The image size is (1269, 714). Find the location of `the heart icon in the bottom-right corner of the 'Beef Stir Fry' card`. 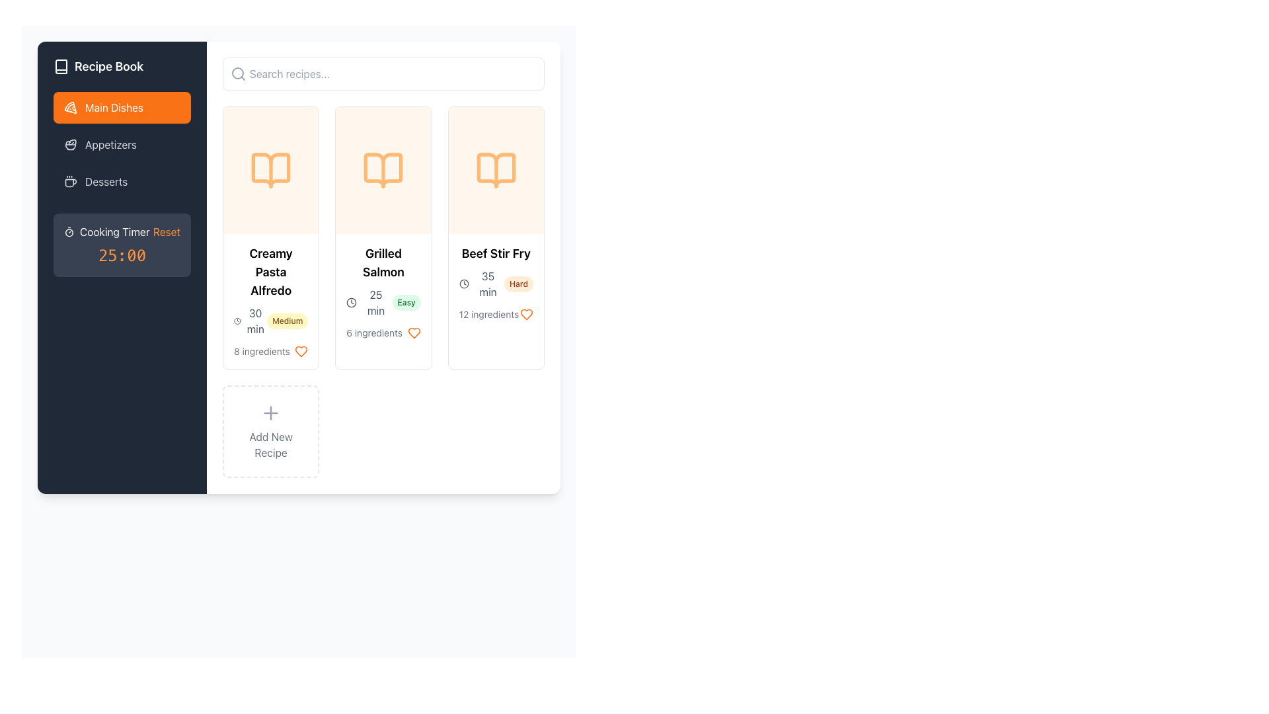

the heart icon in the bottom-right corner of the 'Beef Stir Fry' card is located at coordinates (525, 314).